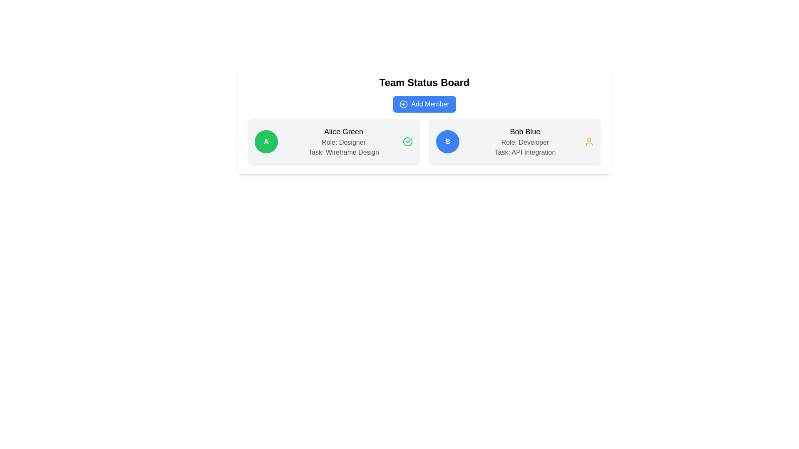 The height and width of the screenshot is (449, 799). Describe the element at coordinates (525, 131) in the screenshot. I see `the text label displaying 'Bob Blue', which is prominently styled in bold and larger font, located in the right card under 'Team Status Board'` at that location.